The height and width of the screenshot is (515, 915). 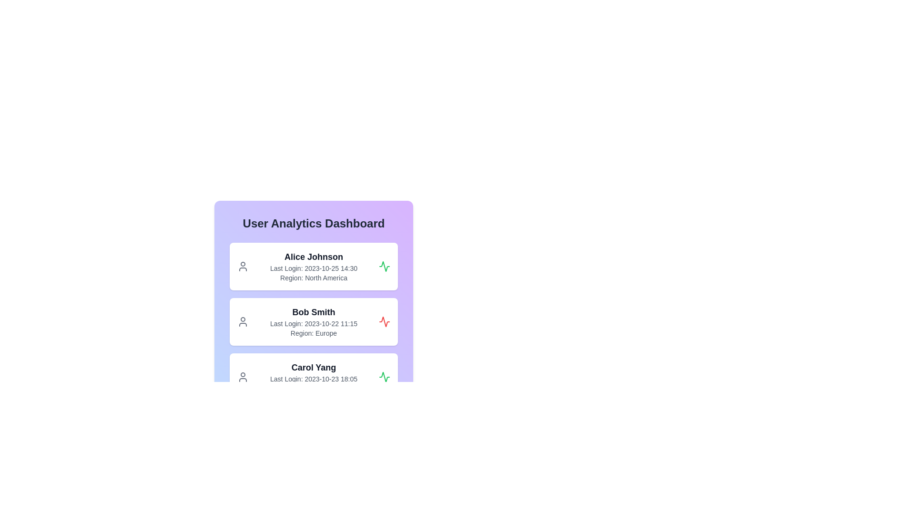 What do you see at coordinates (384, 376) in the screenshot?
I see `the green waveform icon located at the right end of the information card for 'Carol Yang'` at bounding box center [384, 376].